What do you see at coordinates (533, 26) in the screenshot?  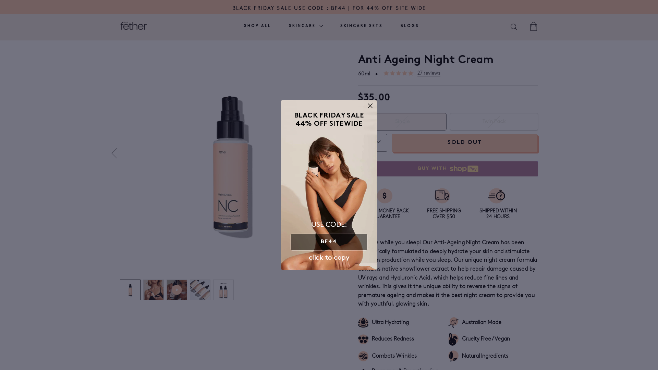 I see `'CART'` at bounding box center [533, 26].